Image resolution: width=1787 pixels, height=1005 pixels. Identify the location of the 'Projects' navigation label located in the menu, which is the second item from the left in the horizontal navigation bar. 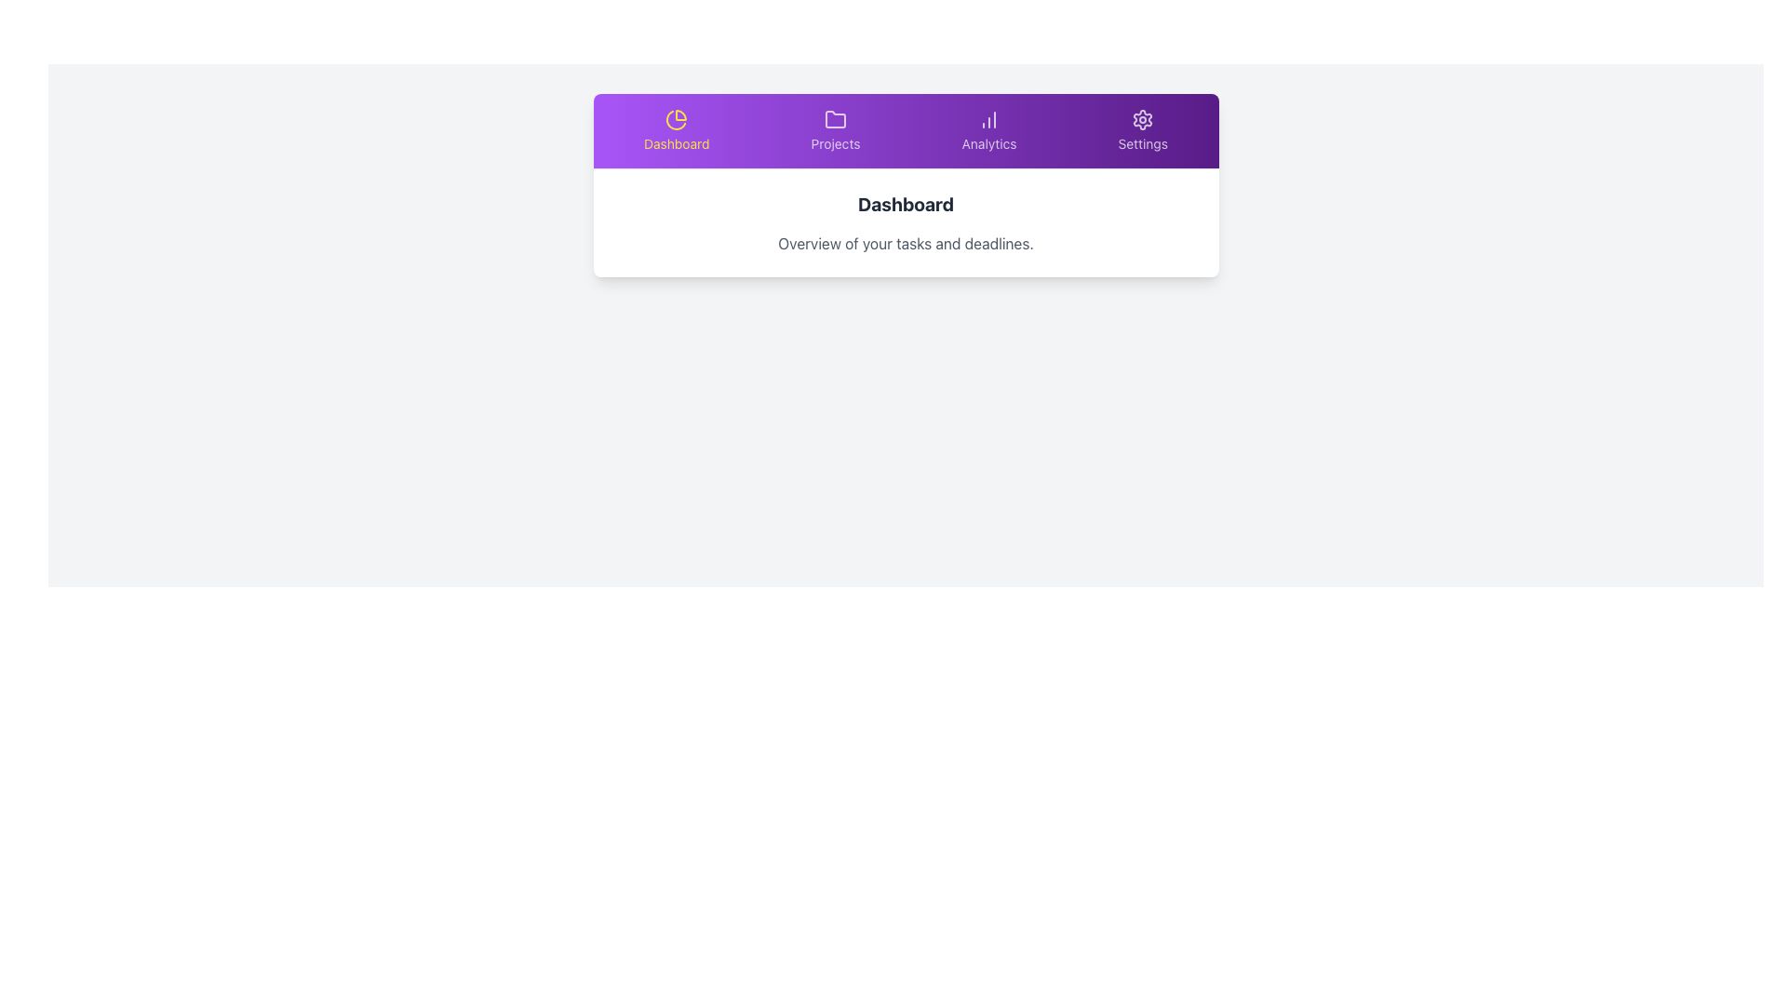
(834, 142).